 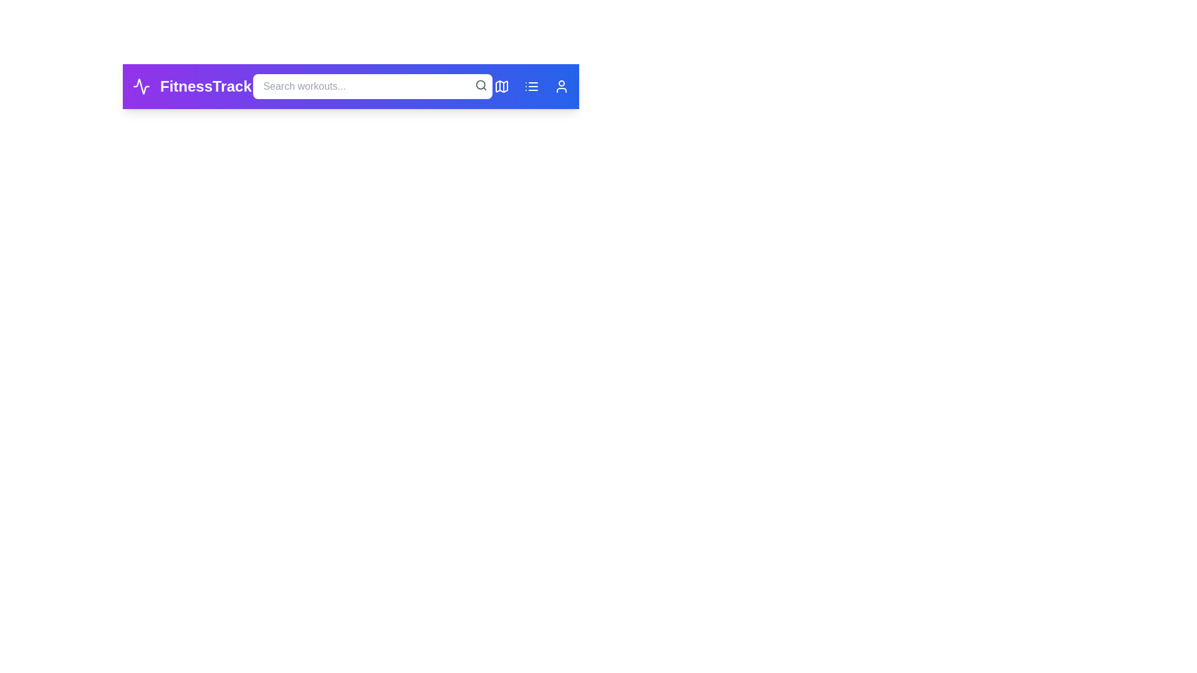 I want to click on the search bar and type the query 'Yoga', so click(x=372, y=85).